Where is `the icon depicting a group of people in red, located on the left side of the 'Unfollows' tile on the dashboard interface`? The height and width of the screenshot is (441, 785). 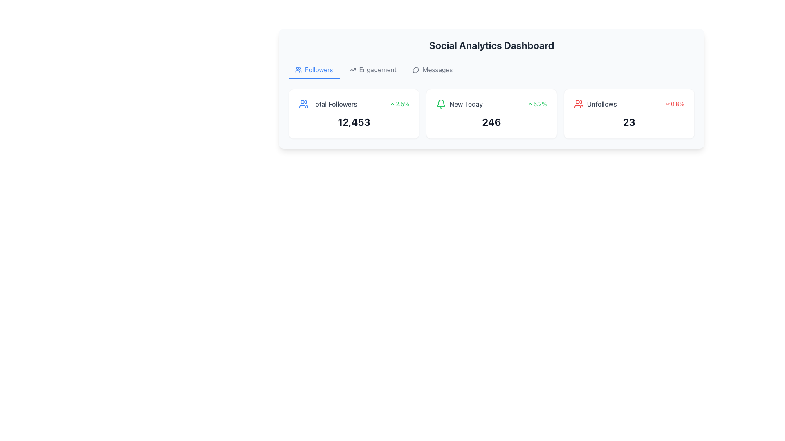
the icon depicting a group of people in red, located on the left side of the 'Unfollows' tile on the dashboard interface is located at coordinates (578, 103).